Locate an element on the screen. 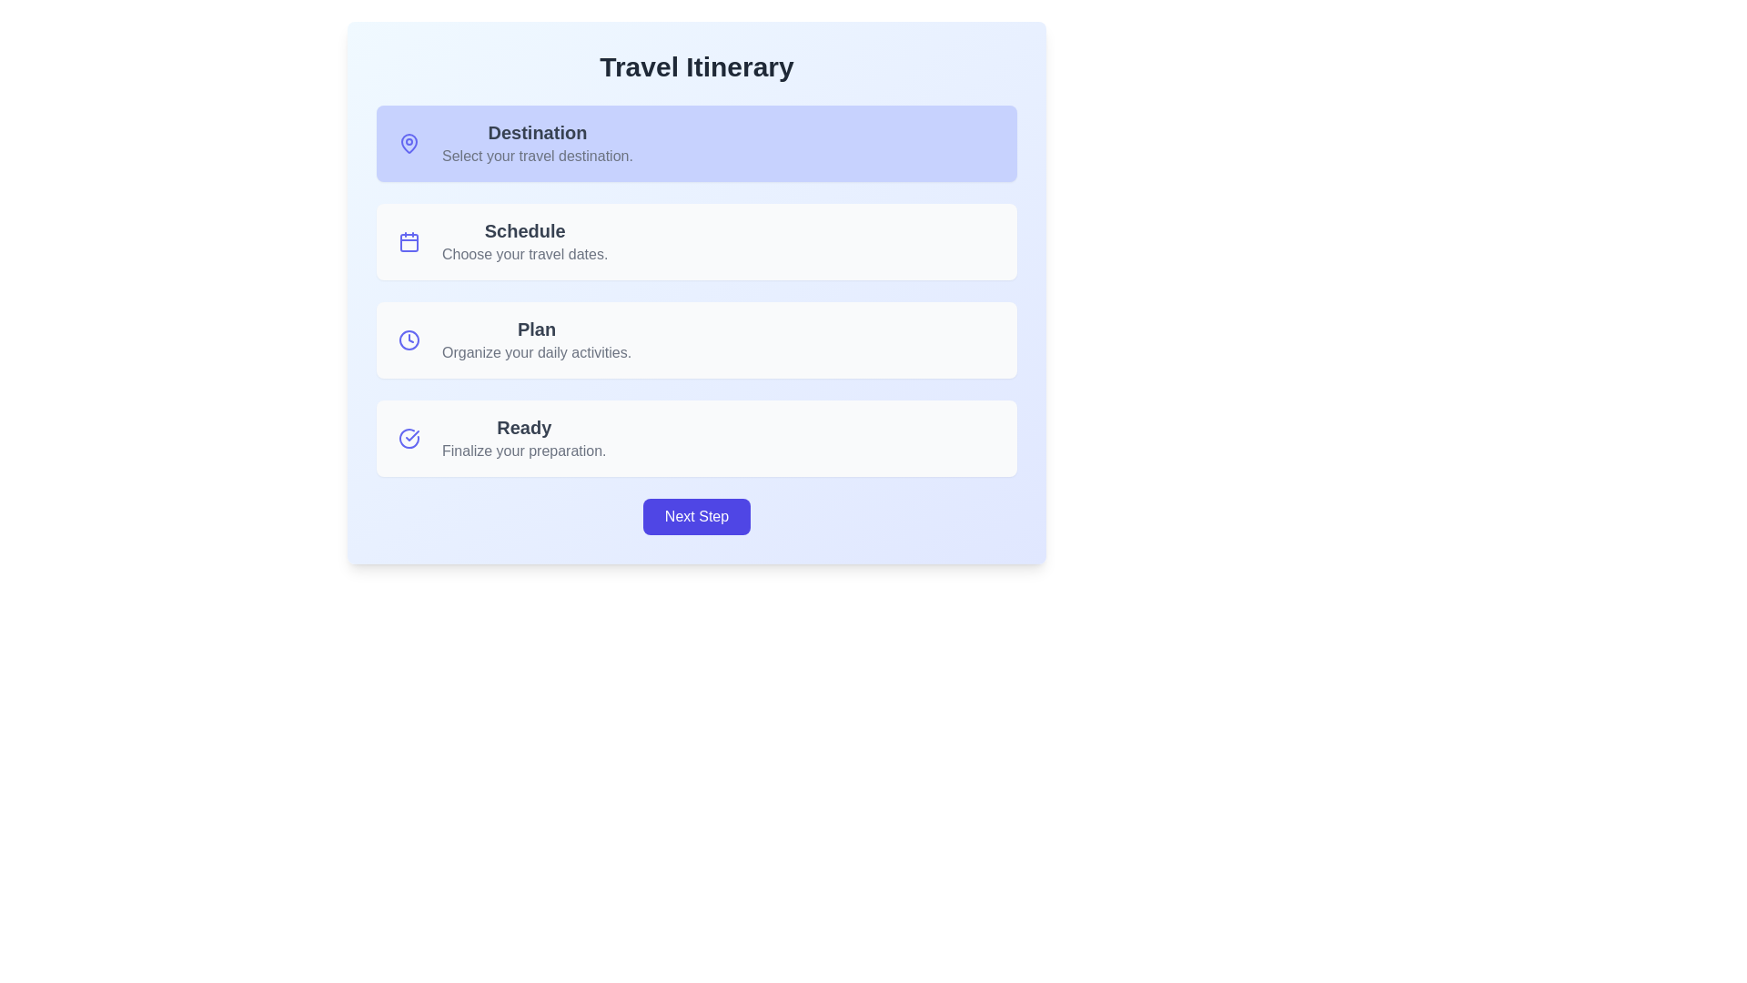 The width and height of the screenshot is (1747, 983). the text block titled 'Plan' which is styled prominently in bold and has a subtitle 'Organize your daily activities.' This element is the third in a vertical list, located below 'Schedule' and above 'Ready' is located at coordinates (536, 340).